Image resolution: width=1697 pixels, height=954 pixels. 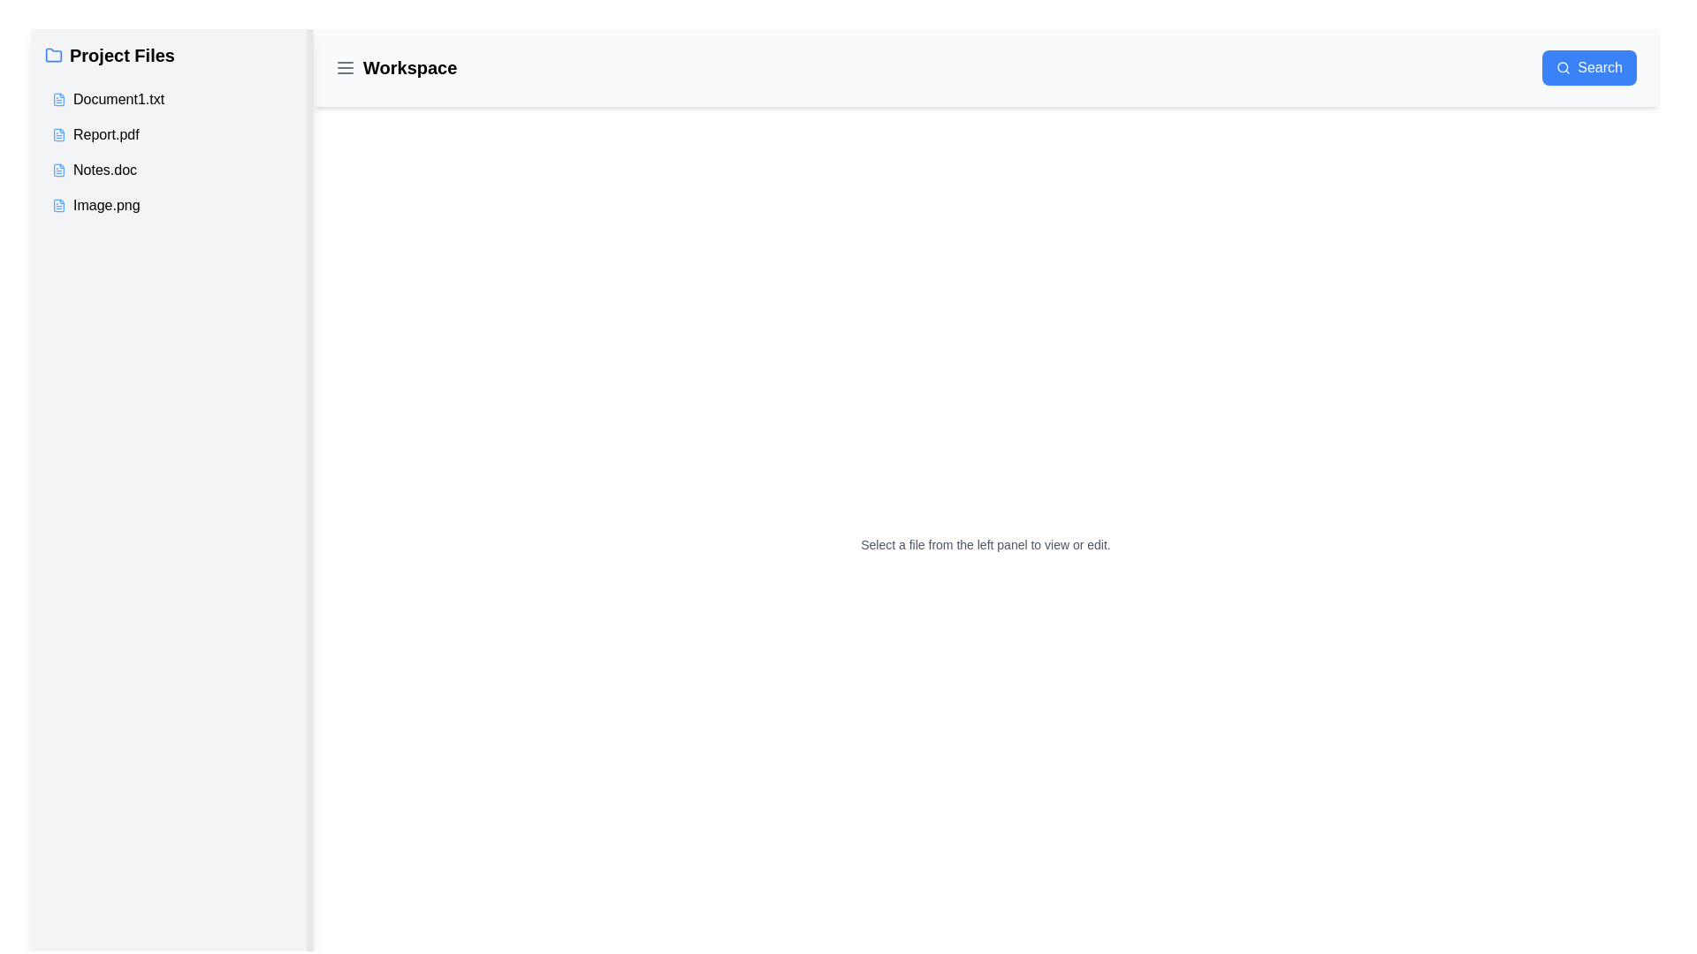 What do you see at coordinates (172, 99) in the screenshot?
I see `the first selectable file in the 'Project Files' list located in the sidebar on the left side of the interface` at bounding box center [172, 99].